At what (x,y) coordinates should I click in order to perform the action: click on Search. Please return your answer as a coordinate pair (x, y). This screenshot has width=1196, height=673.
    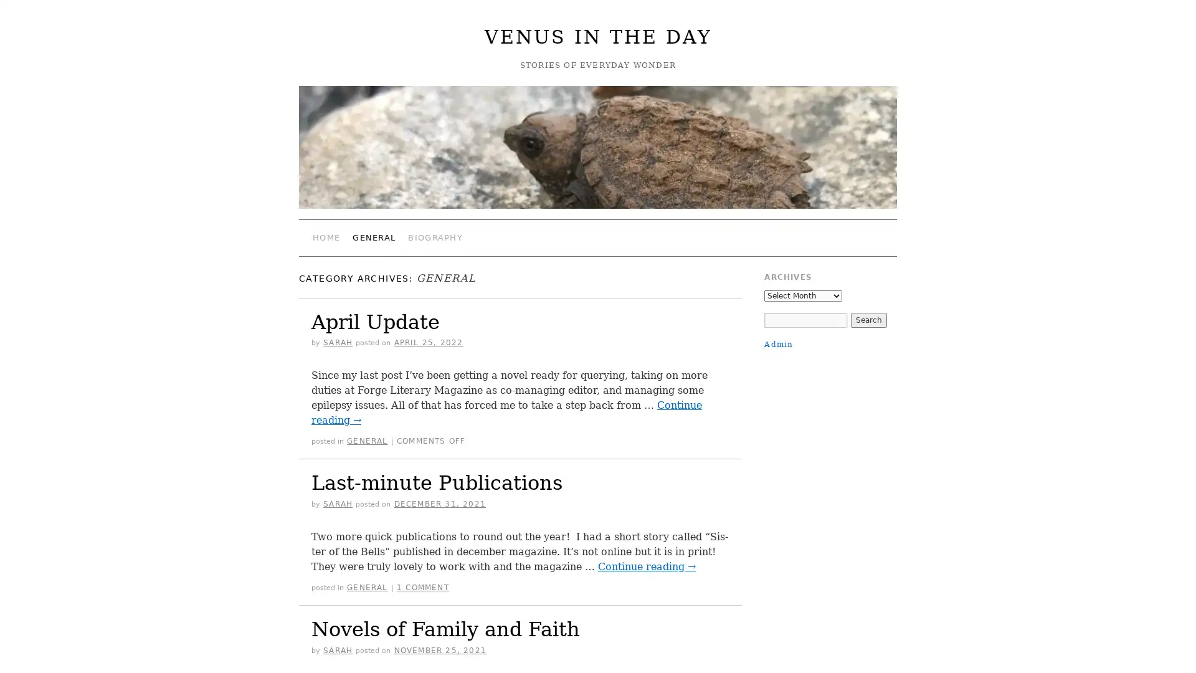
    Looking at the image, I should click on (867, 319).